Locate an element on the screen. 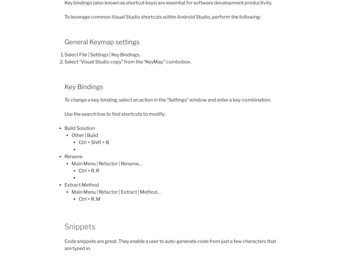  'Build Solution' is located at coordinates (79, 128).